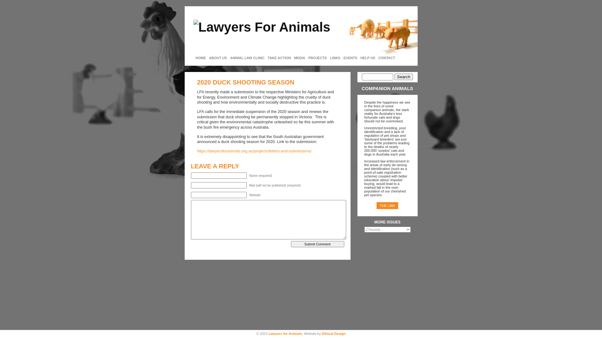 The height and width of the screenshot is (338, 602). Describe the element at coordinates (279, 58) in the screenshot. I see `'TAKE ACTION'` at that location.